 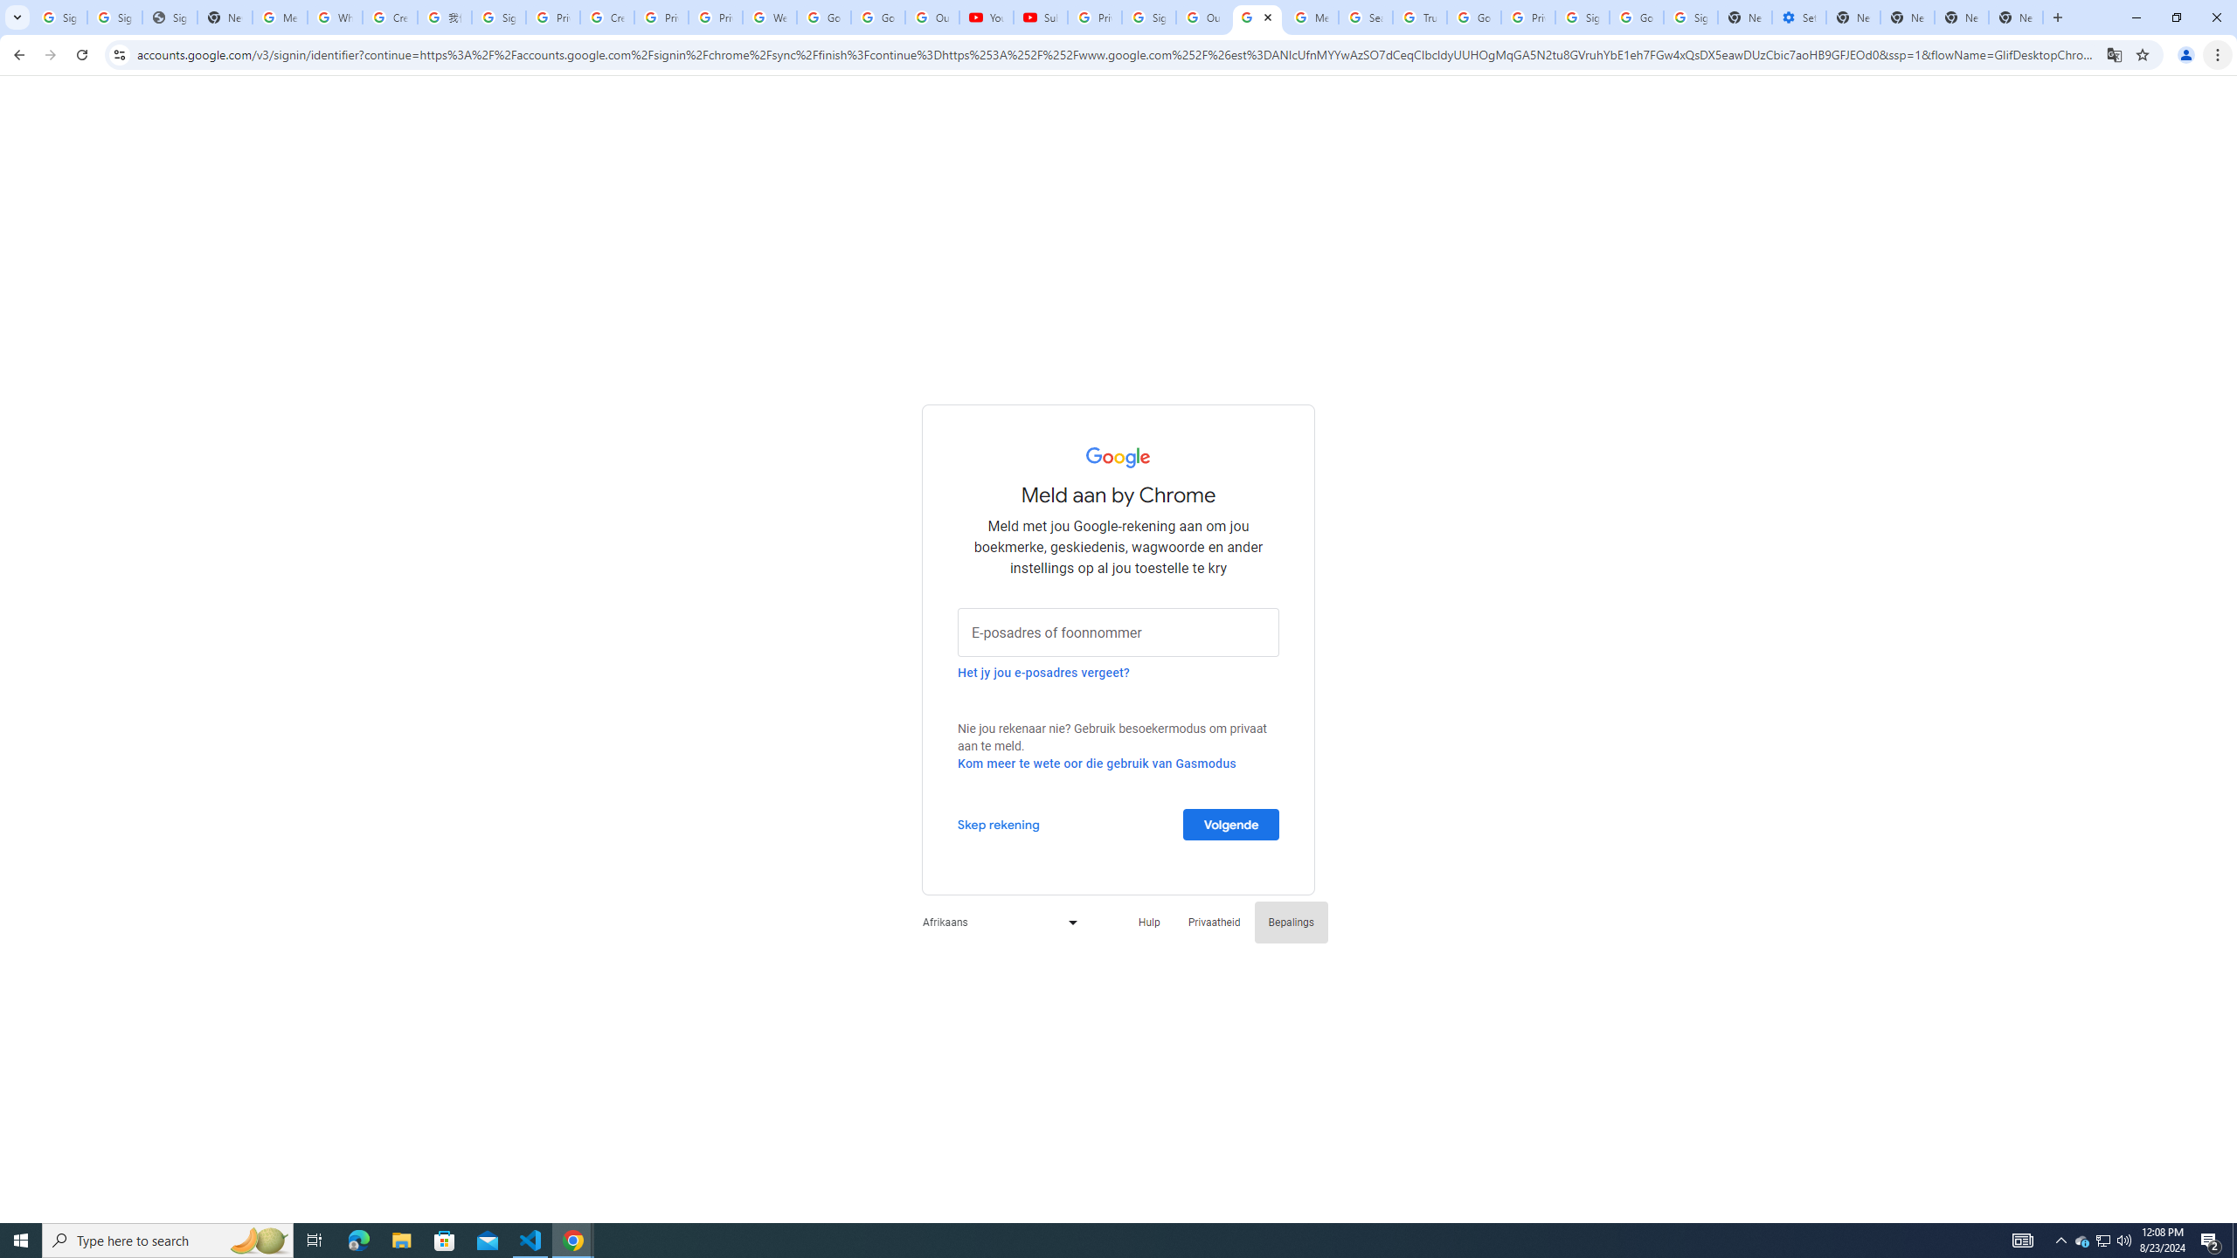 I want to click on 'Subscriptions - YouTube', so click(x=1040, y=17).